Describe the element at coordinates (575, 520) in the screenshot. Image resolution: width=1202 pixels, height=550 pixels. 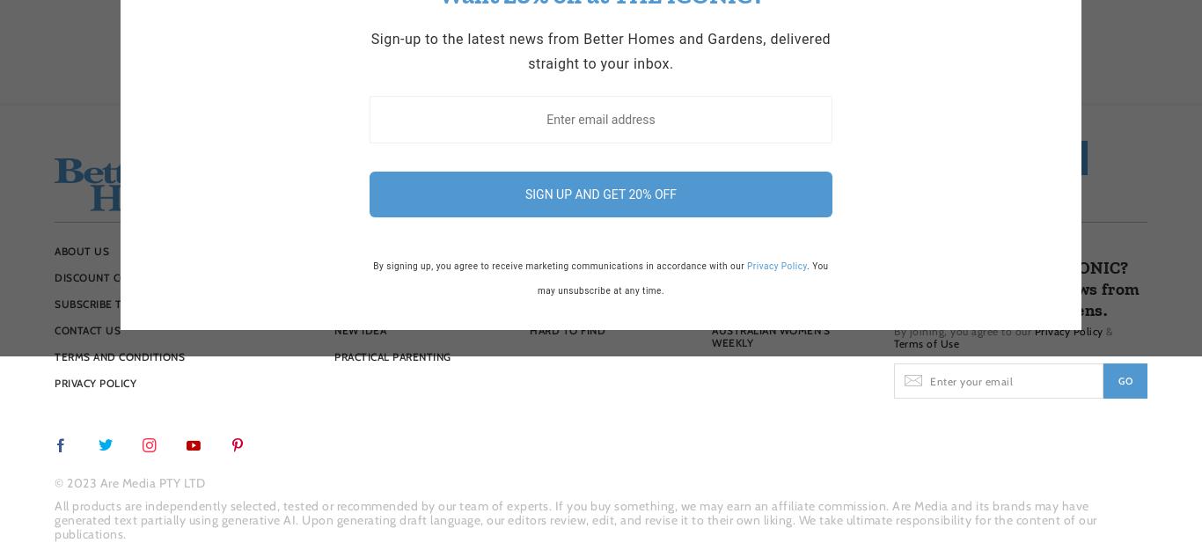
I see `'All products are independently selected, tested or recommended by our team of experts. If you buy something, we may earn an affiliate commission. 
        Are Media and its brands may have generated text partially using generative AI. Upon generating draft language, our editors review, edit, and revise it to their own liking. We take ultimate responsibility for the content of our publications.'` at that location.